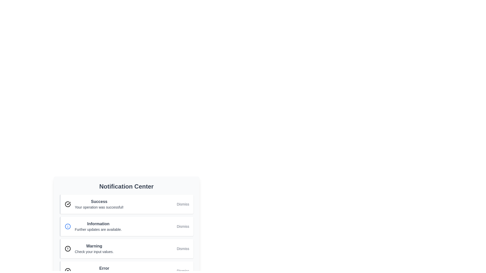  Describe the element at coordinates (67, 226) in the screenshot. I see `the circular SVG graphic component of the information icon in the second row of the notification list for notification type identification` at that location.